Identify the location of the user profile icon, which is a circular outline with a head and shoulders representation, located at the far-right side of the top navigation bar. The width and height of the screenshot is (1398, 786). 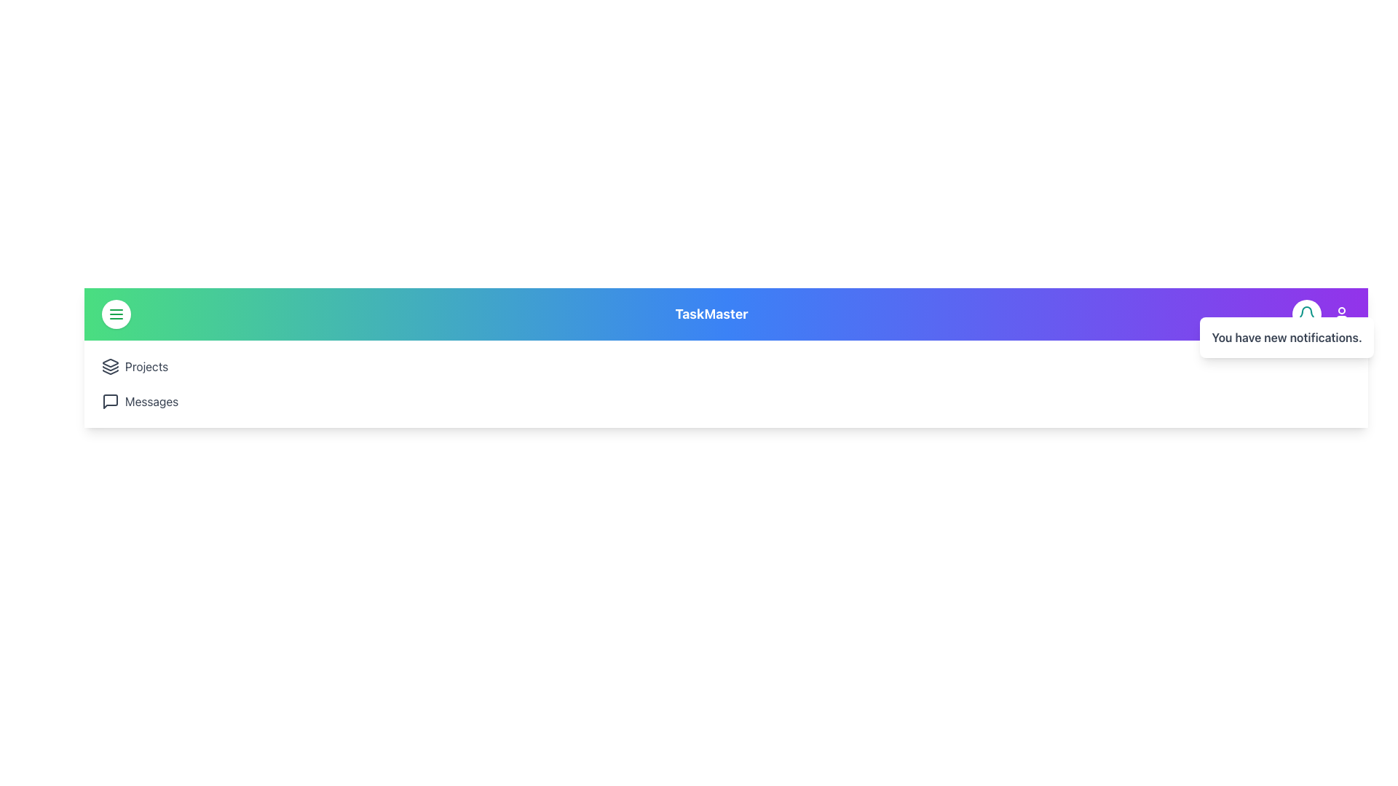
(1341, 314).